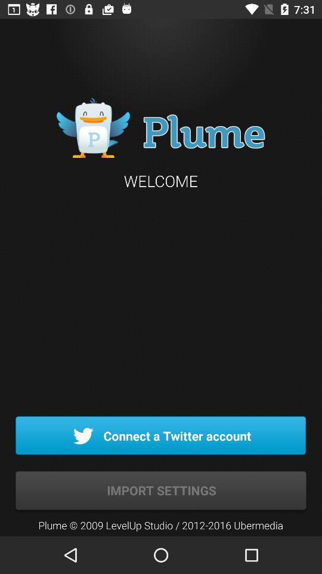  I want to click on the import settings icon, so click(161, 491).